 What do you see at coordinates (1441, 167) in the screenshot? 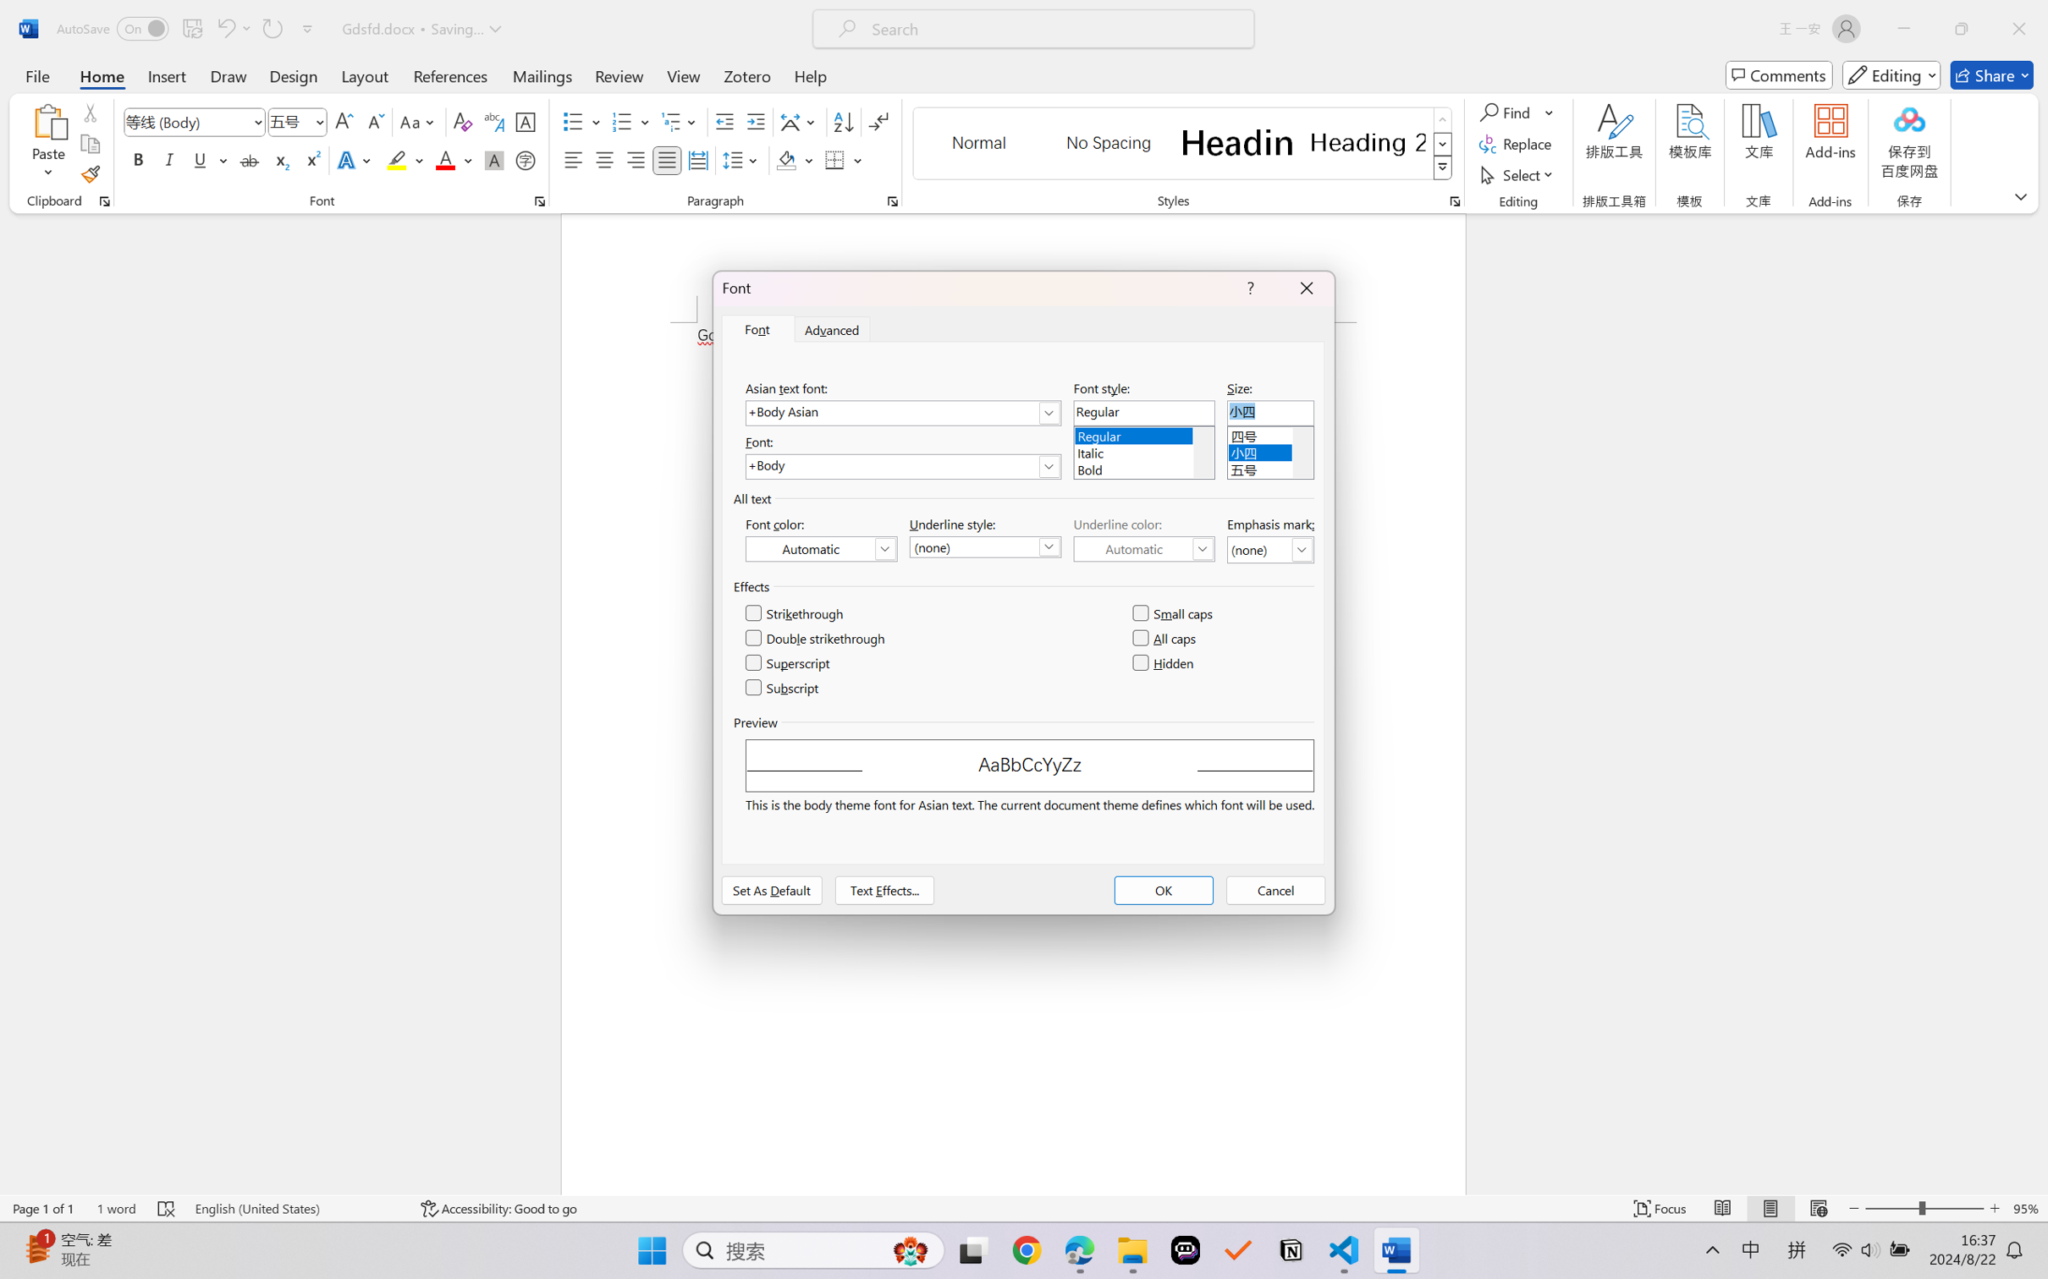
I see `'Styles'` at bounding box center [1441, 167].